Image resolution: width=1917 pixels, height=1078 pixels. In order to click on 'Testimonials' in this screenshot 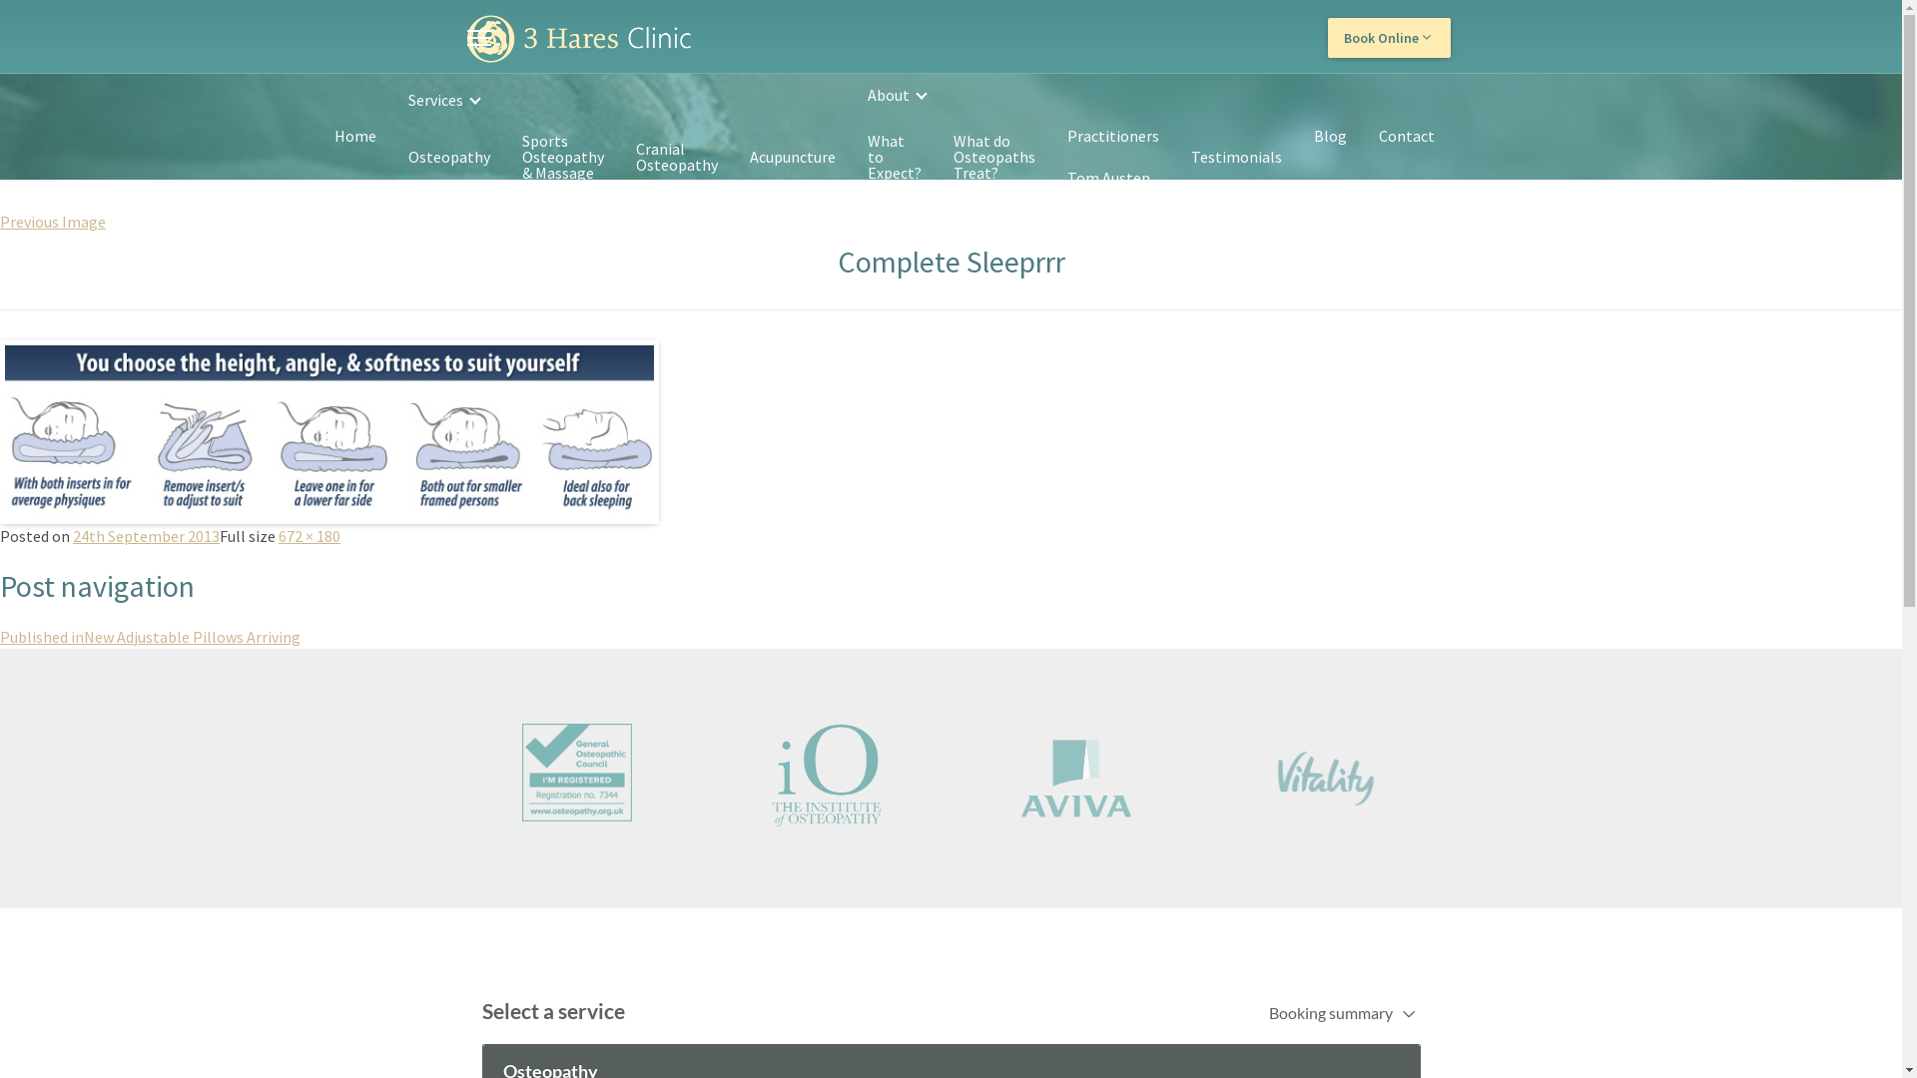, I will do `click(1234, 156)`.